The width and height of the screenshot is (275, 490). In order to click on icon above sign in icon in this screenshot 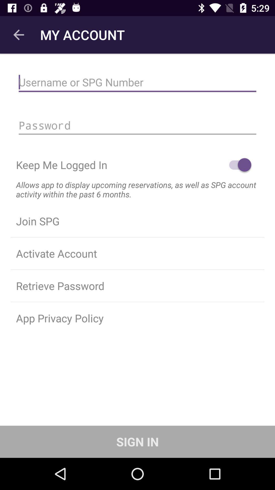, I will do `click(137, 318)`.